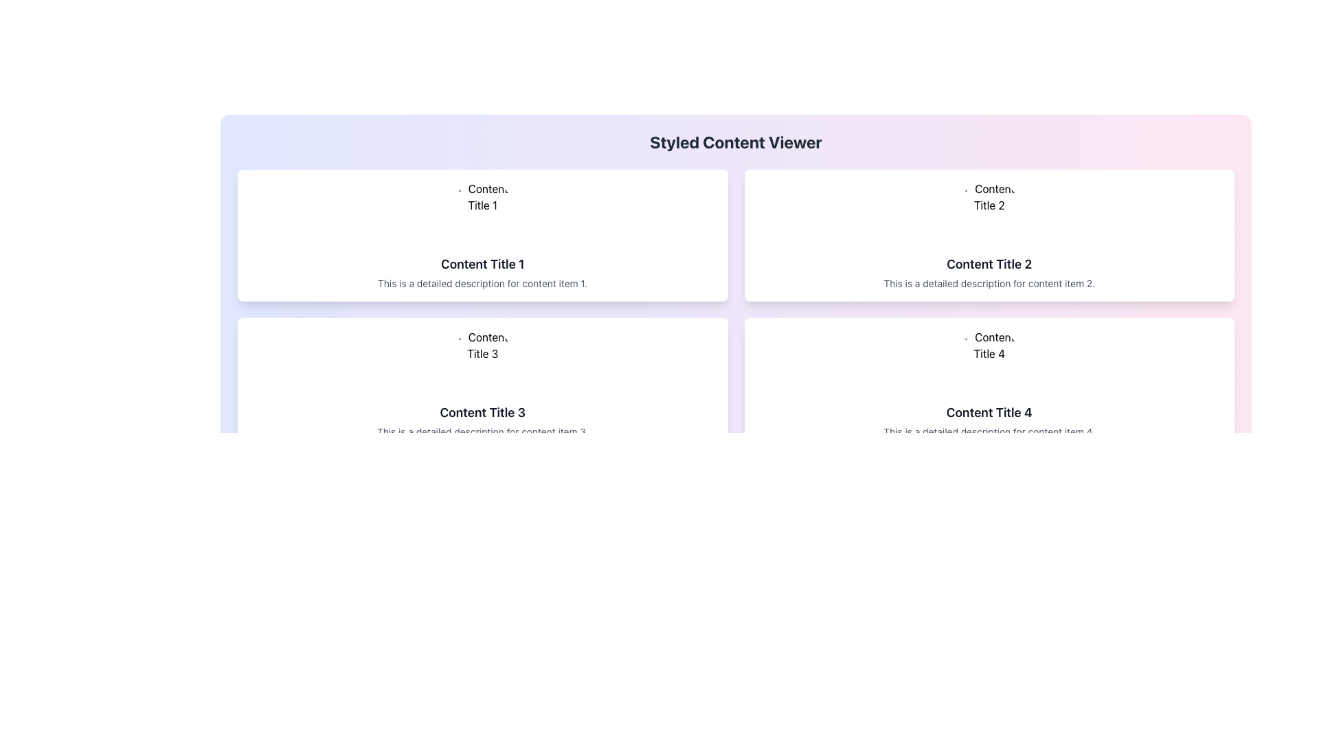 This screenshot has width=1319, height=742. What do you see at coordinates (1212, 639) in the screenshot?
I see `the 'Next' button with a gray background and rounded corners located on the far right of the navigation group at the bottom of the interface` at bounding box center [1212, 639].